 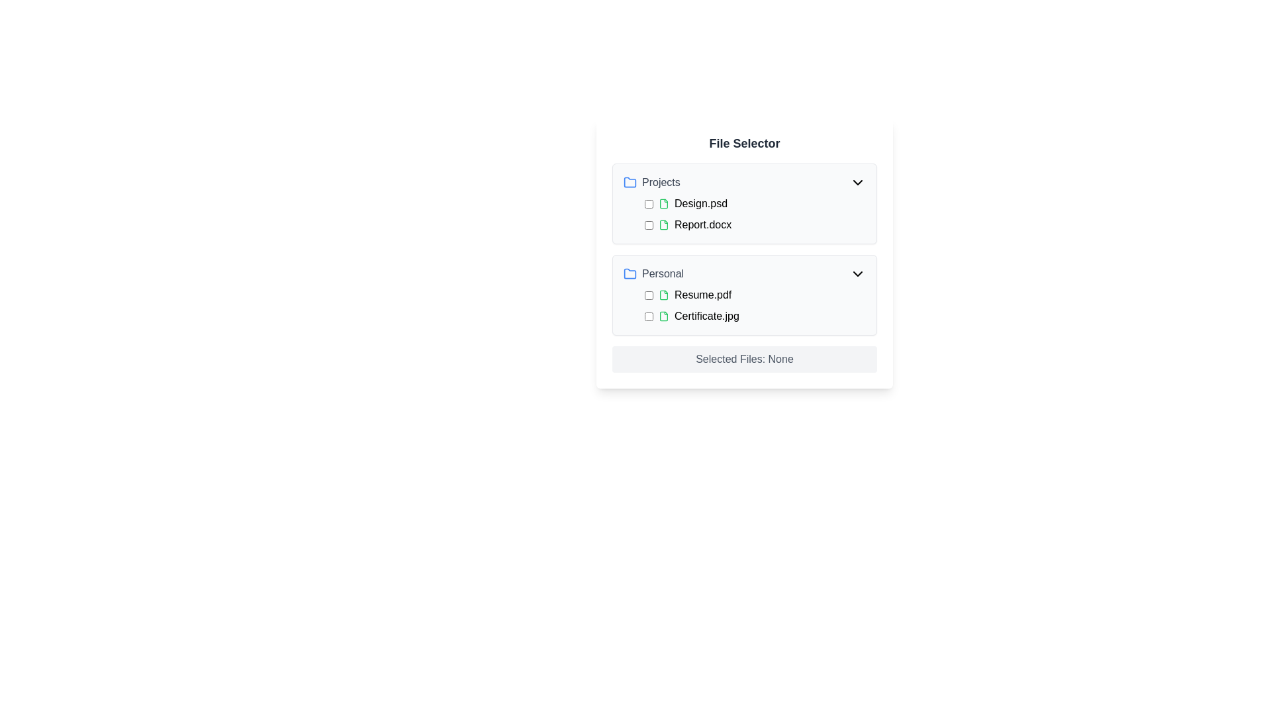 What do you see at coordinates (858, 183) in the screenshot?
I see `the downward pointing chevron icon in the top-right corner of the 'Projects' section` at bounding box center [858, 183].